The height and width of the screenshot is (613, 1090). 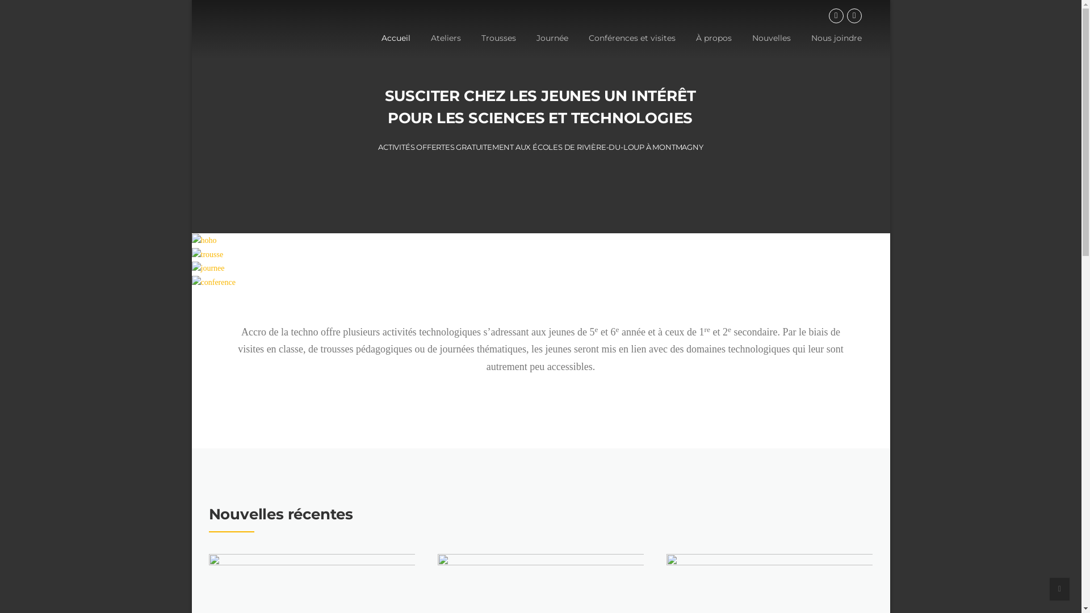 What do you see at coordinates (854, 15) in the screenshot?
I see `'Email'` at bounding box center [854, 15].